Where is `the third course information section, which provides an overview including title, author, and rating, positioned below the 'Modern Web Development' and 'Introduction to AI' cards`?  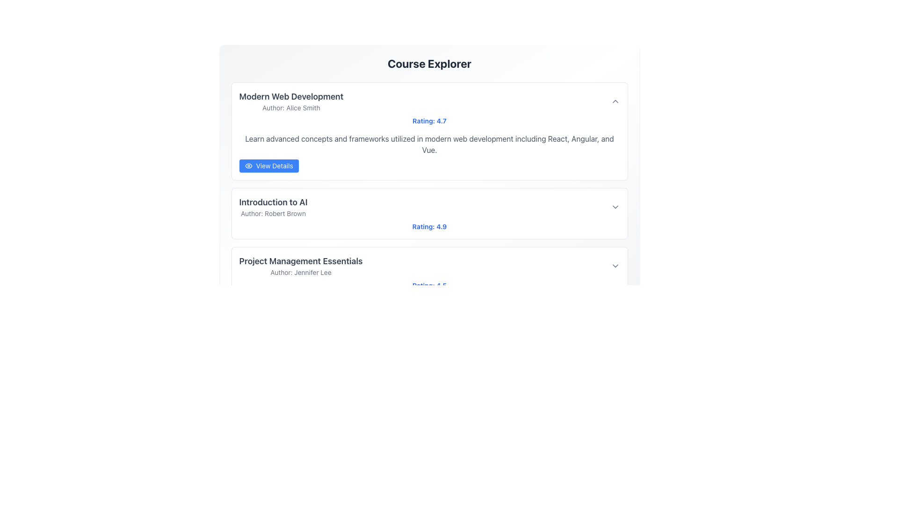
the third course information section, which provides an overview including title, author, and rating, positioned below the 'Modern Web Development' and 'Introduction to AI' cards is located at coordinates (429, 272).